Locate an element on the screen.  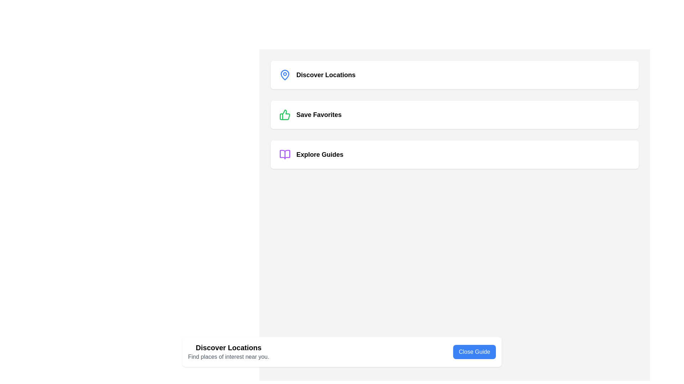
the label that indicates the option to save favorite items or locations, which is the second entry in a vertical list, accompanied by a green thumbs-up icon and the text 'Save Favorites' is located at coordinates (318, 114).